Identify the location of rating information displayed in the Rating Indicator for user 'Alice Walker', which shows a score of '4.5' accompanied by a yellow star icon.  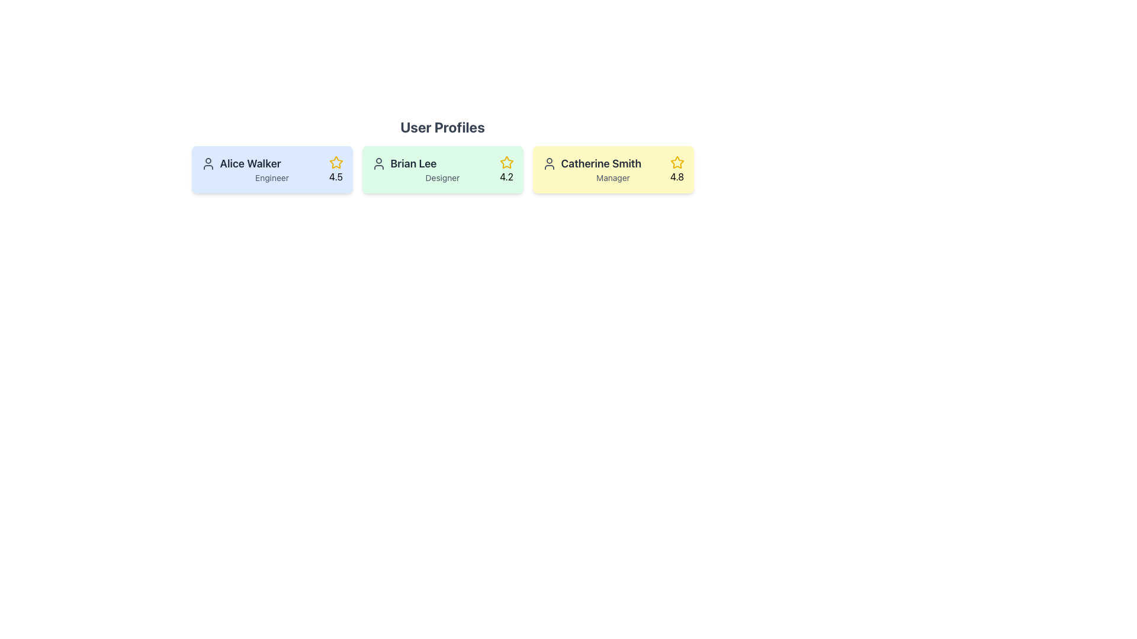
(335, 169).